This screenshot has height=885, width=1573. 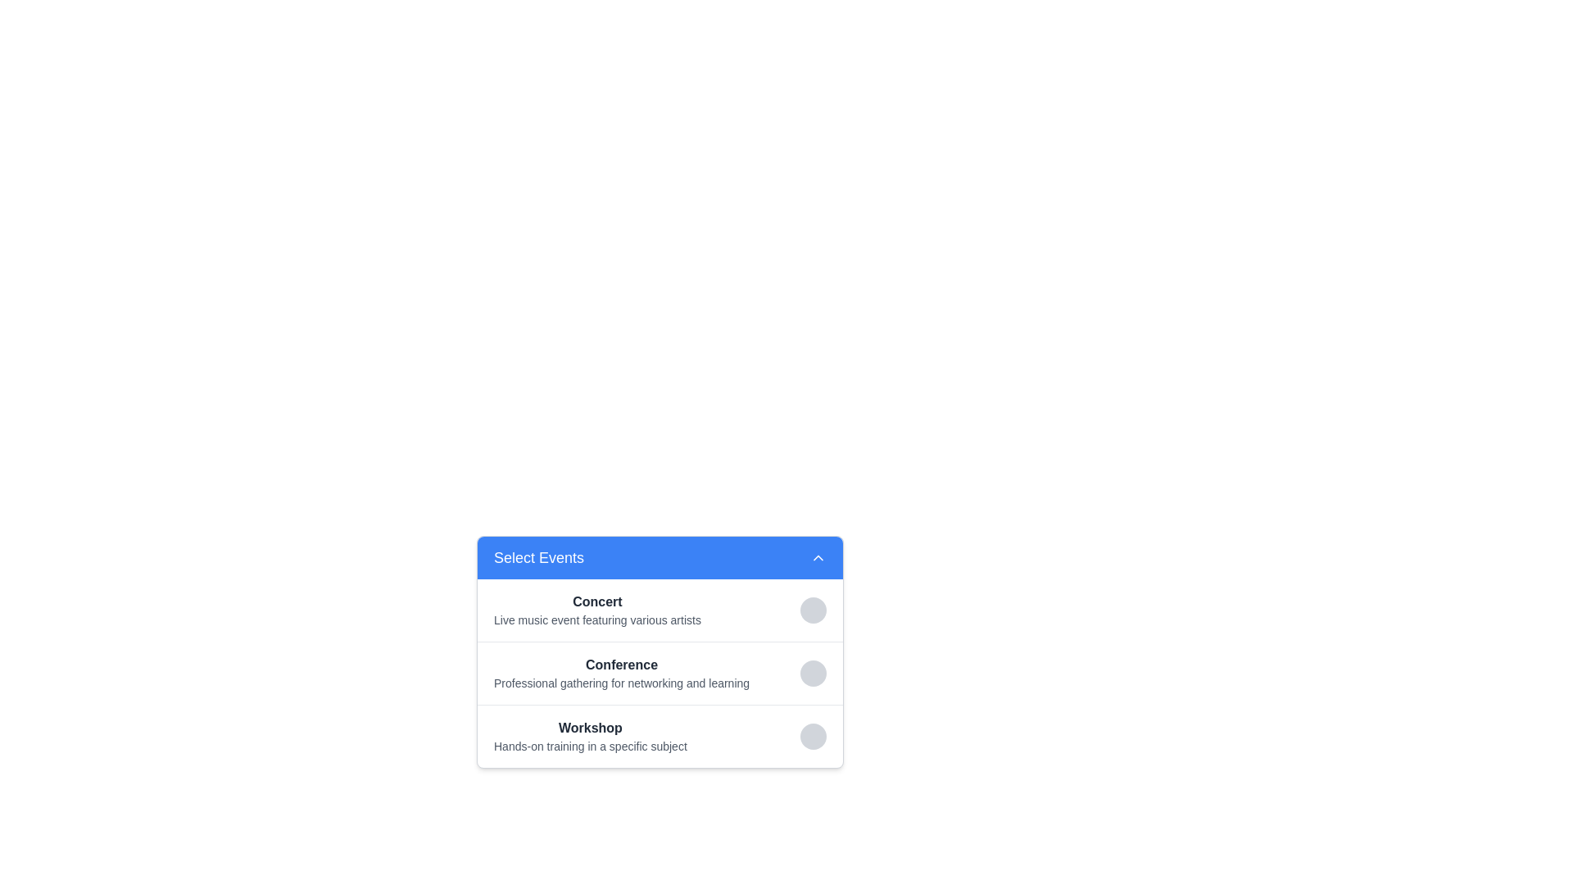 What do you see at coordinates (590, 746) in the screenshot?
I see `the static text label displaying 'Hands-on training in a specific subject', which is positioned below the bold title 'Workshop'` at bounding box center [590, 746].